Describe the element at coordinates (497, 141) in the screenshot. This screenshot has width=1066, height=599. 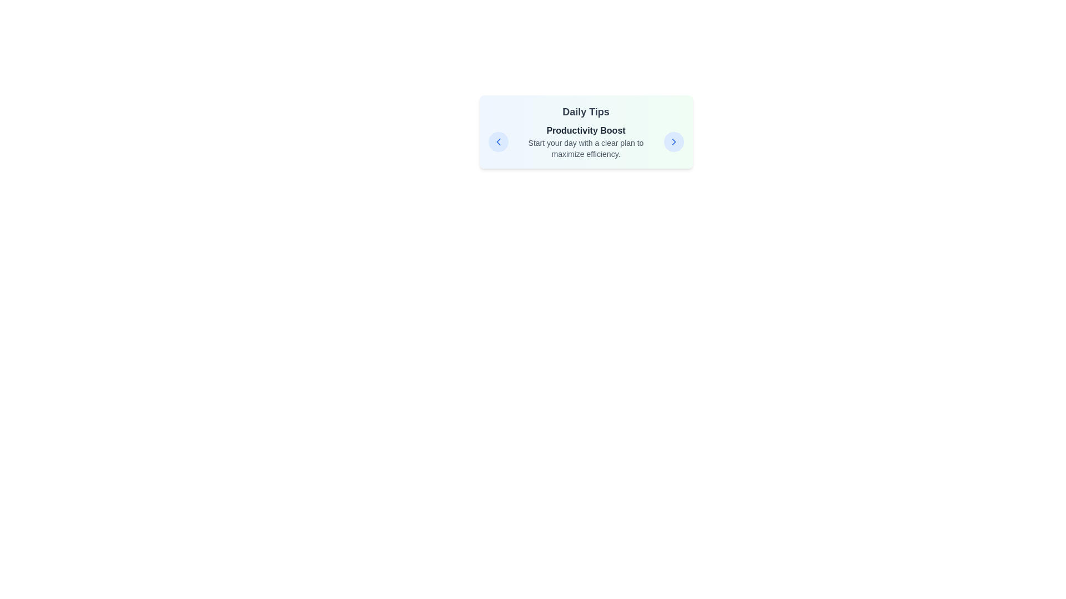
I see `the left arrow button to navigate to the next or previous tip` at that location.